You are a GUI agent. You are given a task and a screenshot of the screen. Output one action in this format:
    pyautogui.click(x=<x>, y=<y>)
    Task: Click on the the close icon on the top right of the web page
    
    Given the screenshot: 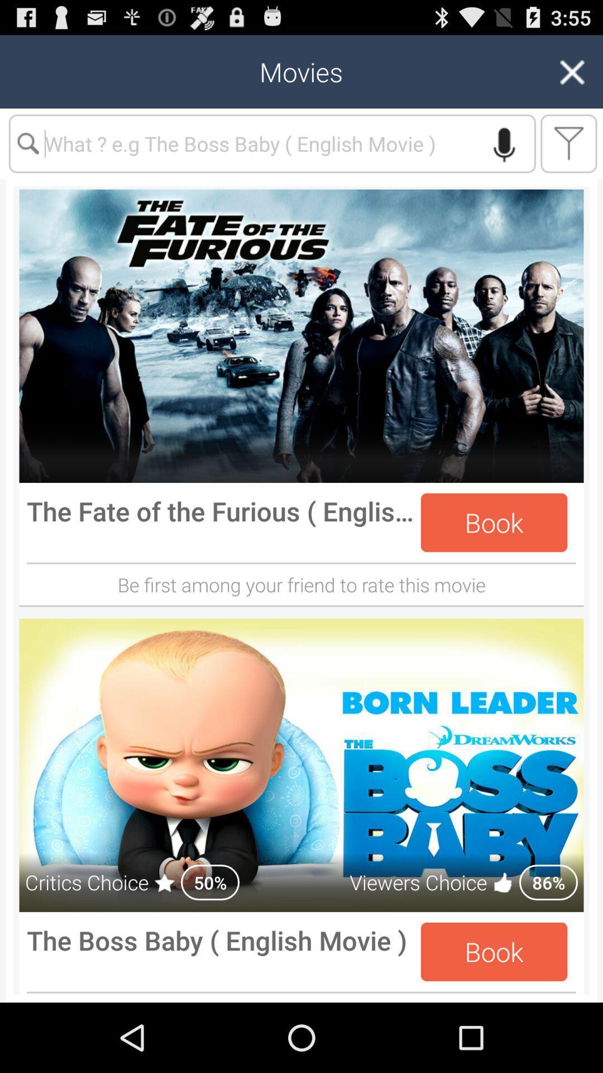 What is the action you would take?
    pyautogui.click(x=571, y=72)
    